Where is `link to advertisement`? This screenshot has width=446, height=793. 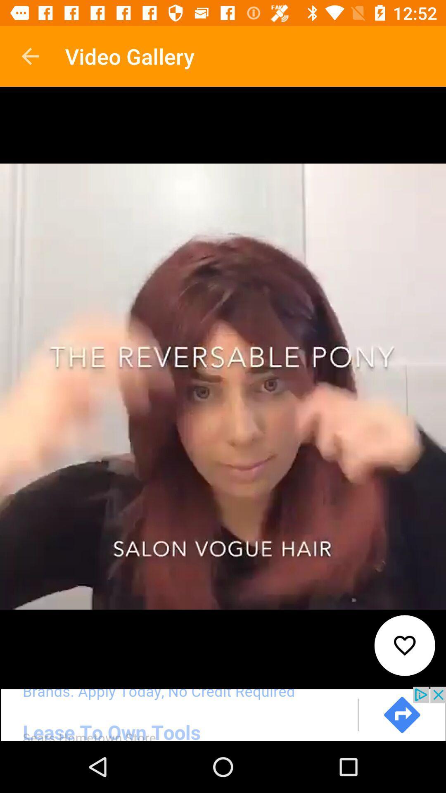
link to advertisement is located at coordinates (223, 713).